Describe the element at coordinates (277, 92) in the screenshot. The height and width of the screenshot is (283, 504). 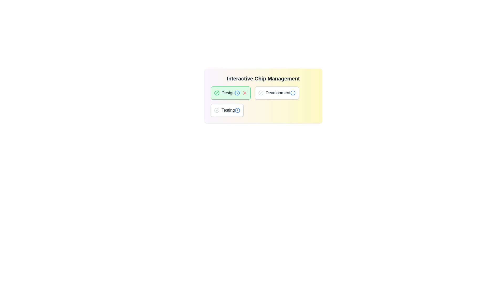
I see `the chip labeled Development` at that location.